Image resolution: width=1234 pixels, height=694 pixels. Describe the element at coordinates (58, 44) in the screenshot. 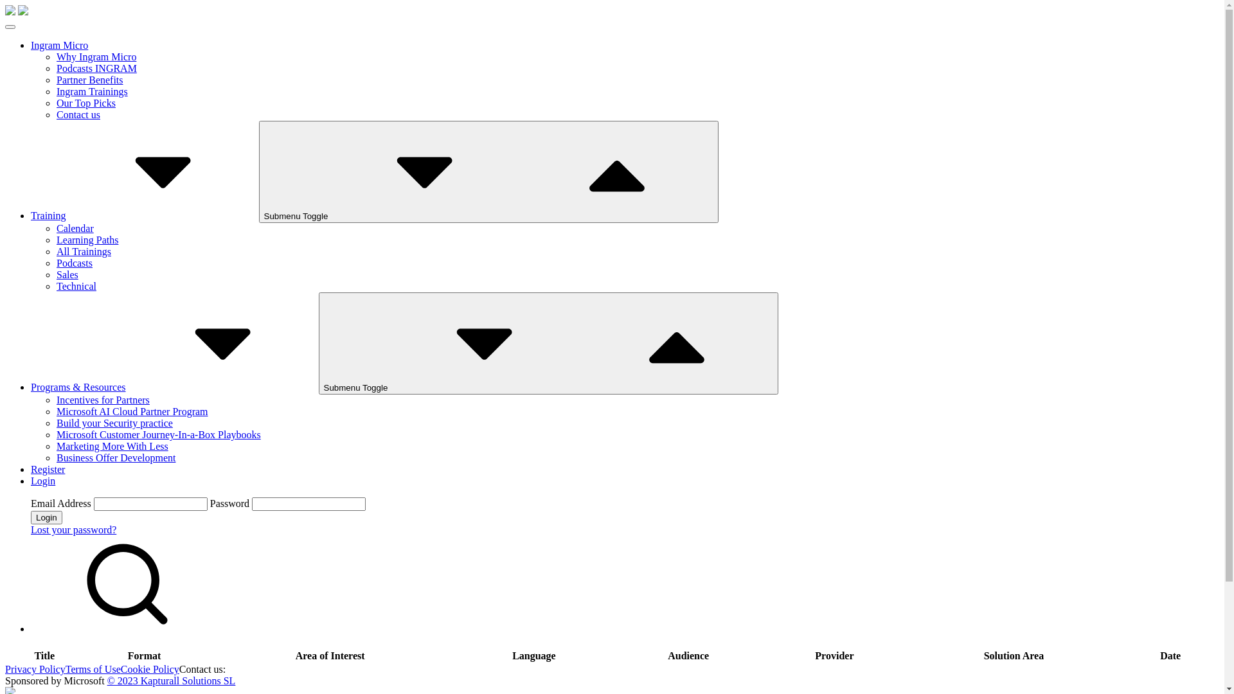

I see `'Ingram Micro'` at that location.